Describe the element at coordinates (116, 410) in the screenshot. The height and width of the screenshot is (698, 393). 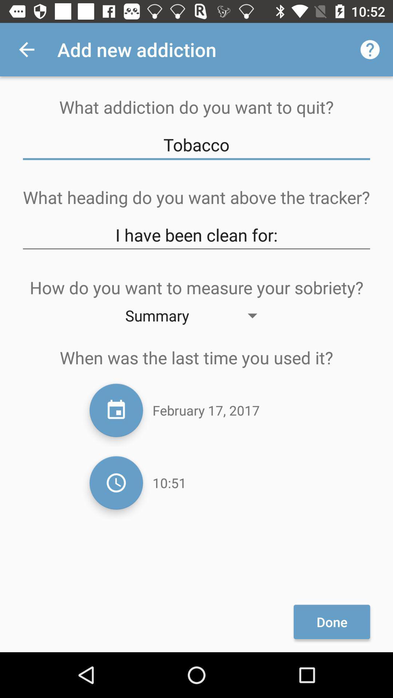
I see `date last used` at that location.